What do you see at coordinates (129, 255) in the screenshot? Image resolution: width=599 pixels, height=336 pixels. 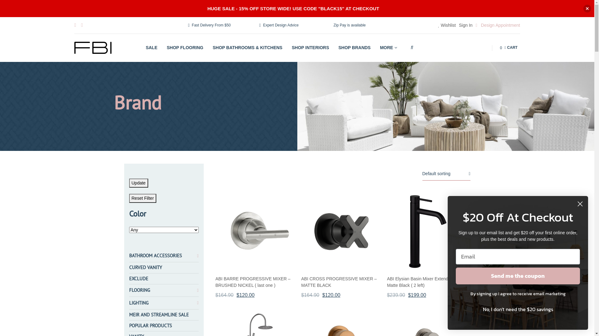 I see `'BATHROOM ACCESSORIES'` at bounding box center [129, 255].